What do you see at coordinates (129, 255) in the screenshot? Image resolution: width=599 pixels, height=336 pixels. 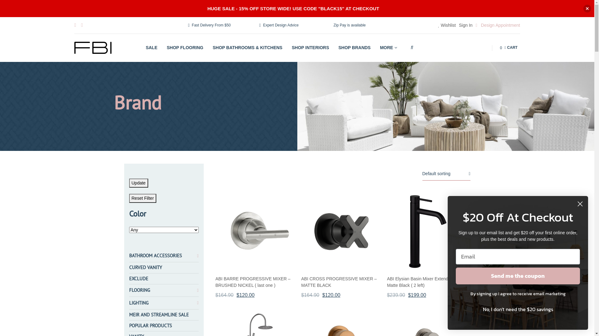 I see `'BATHROOM ACCESSORIES'` at bounding box center [129, 255].